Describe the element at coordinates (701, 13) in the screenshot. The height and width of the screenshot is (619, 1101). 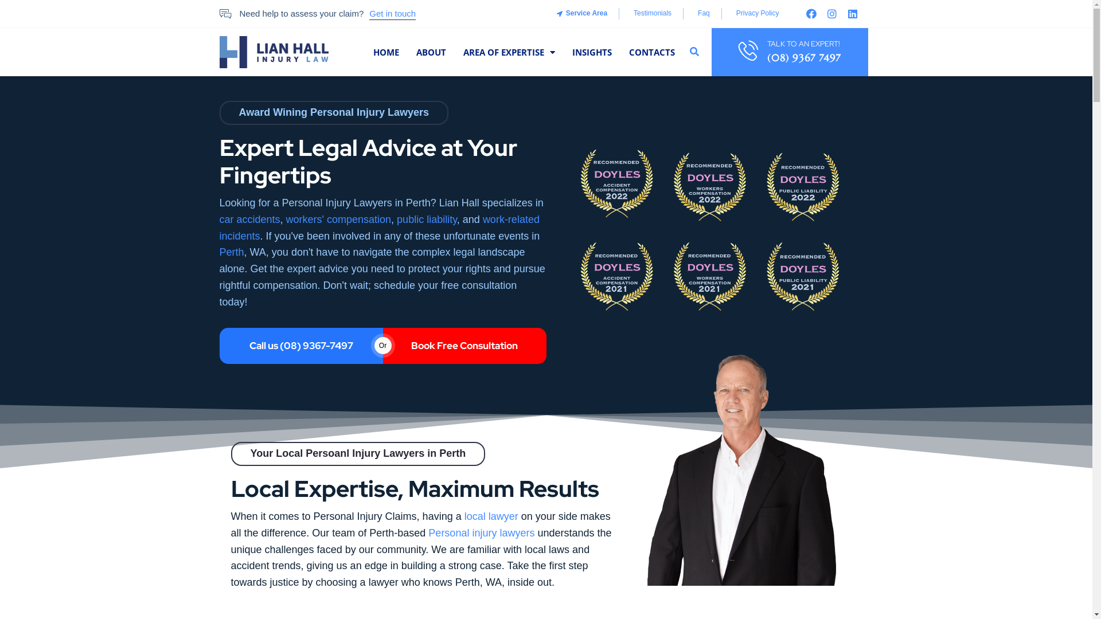
I see `'Faq'` at that location.